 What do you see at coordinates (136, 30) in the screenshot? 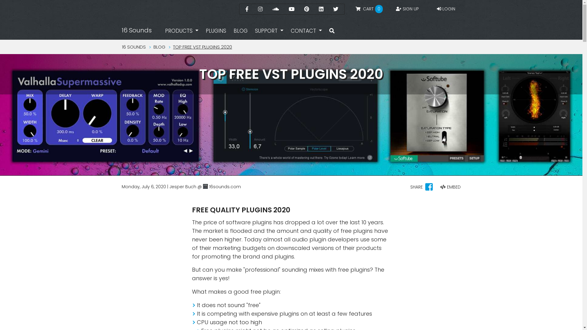
I see `'16 Sounds'` at bounding box center [136, 30].